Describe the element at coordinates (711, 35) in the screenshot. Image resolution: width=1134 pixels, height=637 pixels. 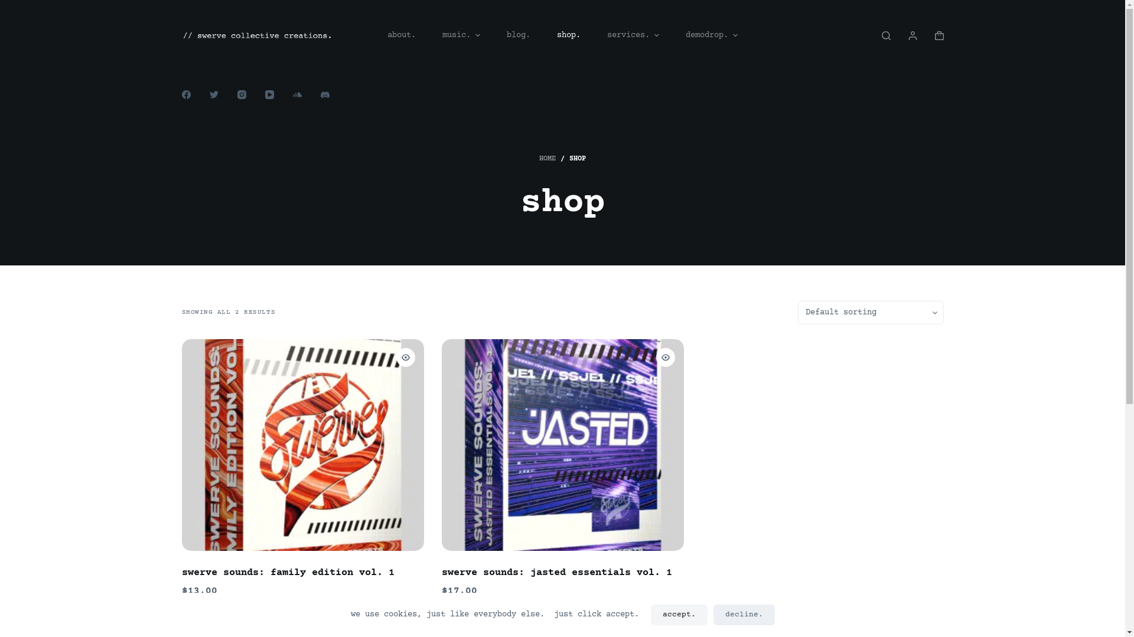
I see `'demodrop.'` at that location.